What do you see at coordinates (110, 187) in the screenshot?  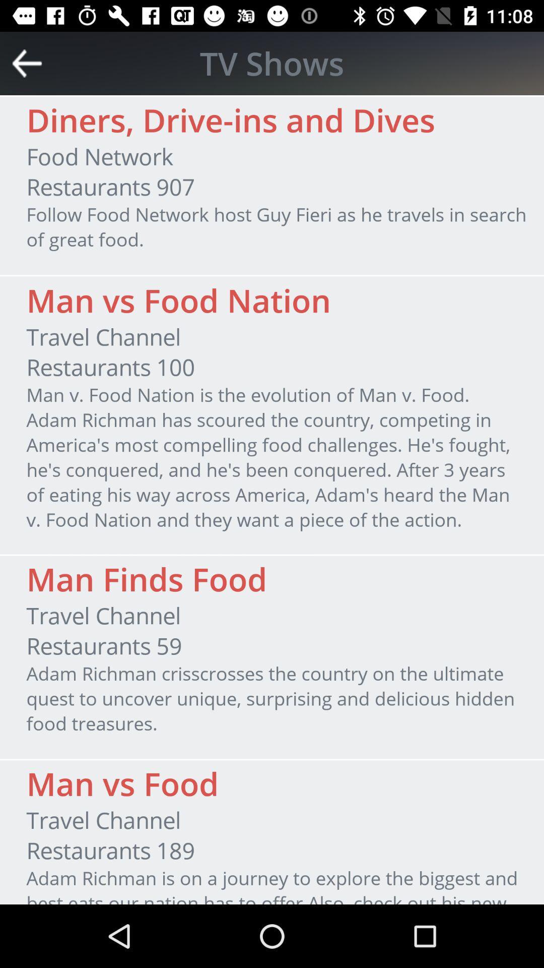 I see `the restaurants 907 icon` at bounding box center [110, 187].